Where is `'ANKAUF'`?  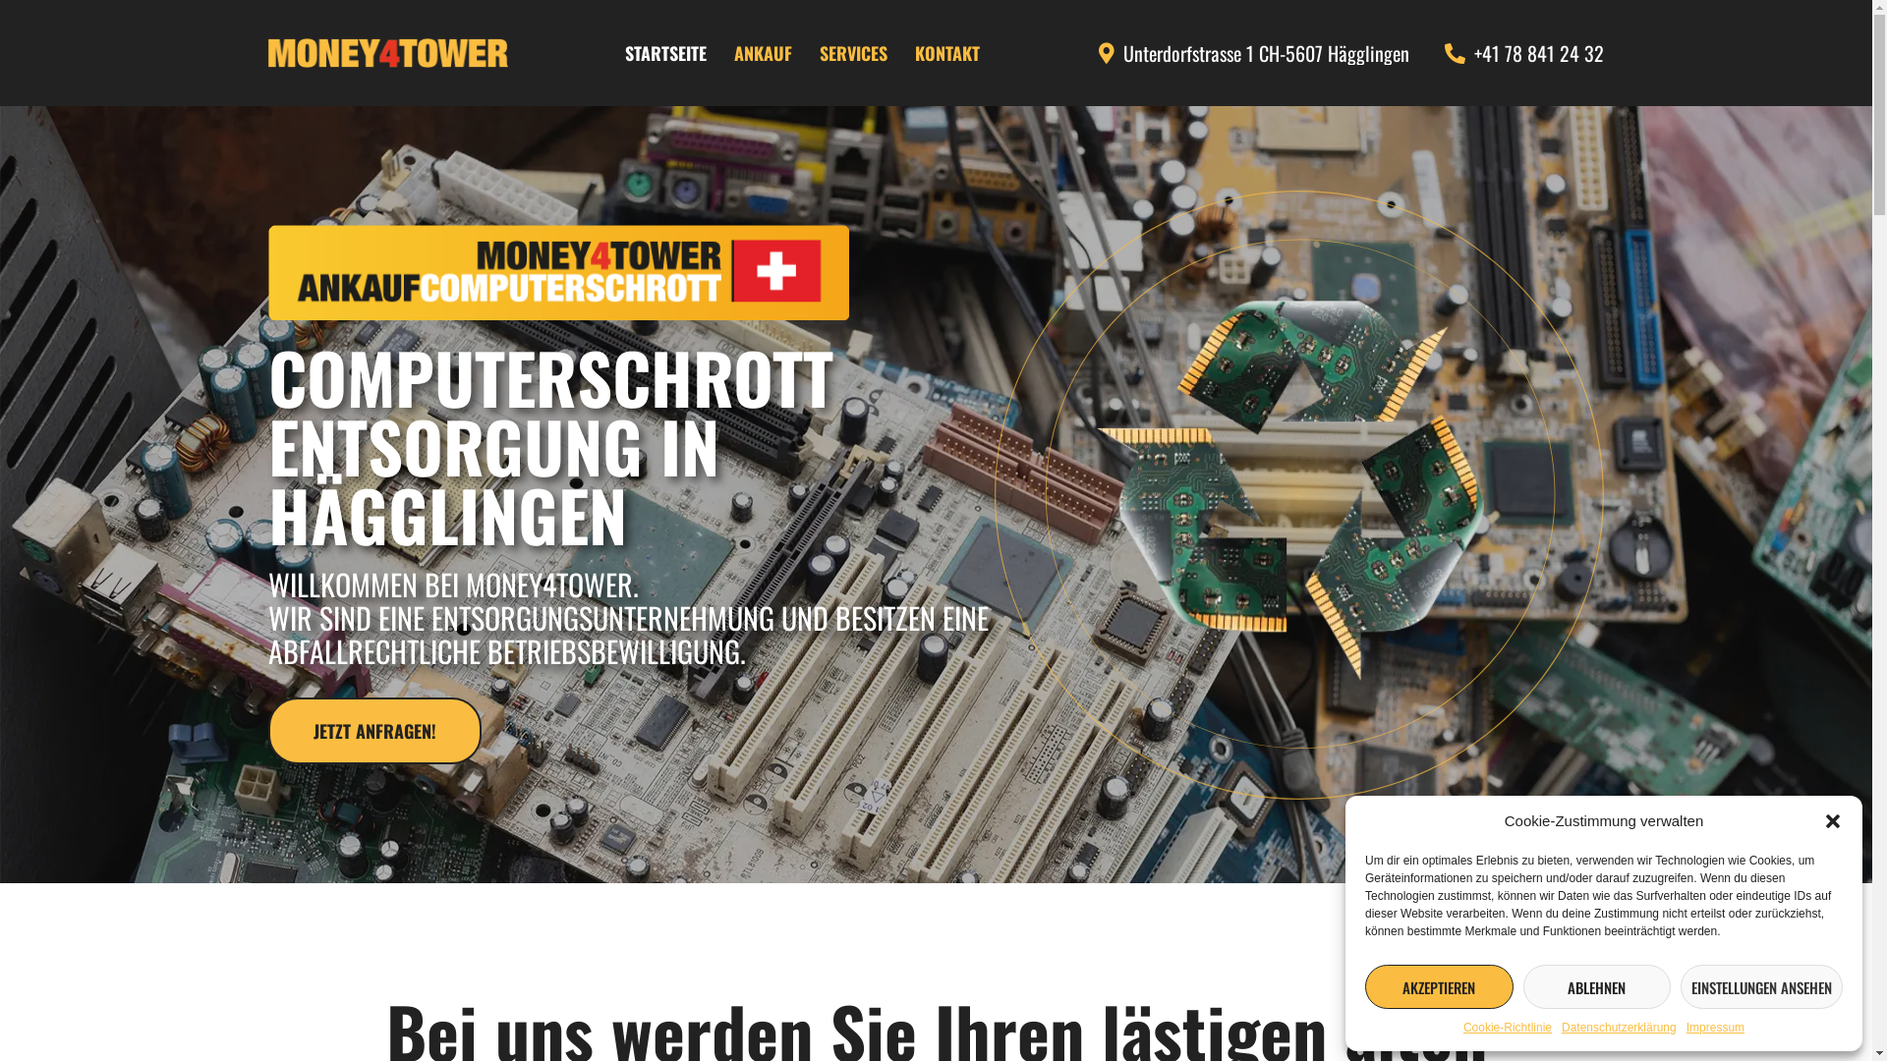
'ANKAUF' is located at coordinates (762, 52).